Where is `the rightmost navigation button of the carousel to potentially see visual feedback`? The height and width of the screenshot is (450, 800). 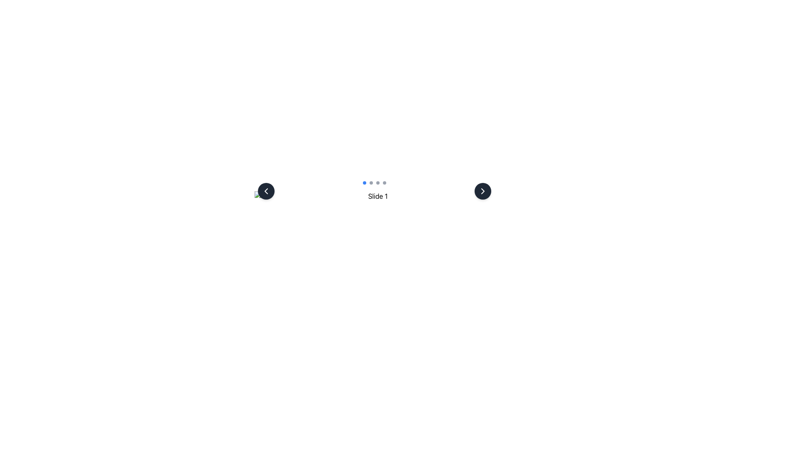
the rightmost navigation button of the carousel to potentially see visual feedback is located at coordinates (482, 191).